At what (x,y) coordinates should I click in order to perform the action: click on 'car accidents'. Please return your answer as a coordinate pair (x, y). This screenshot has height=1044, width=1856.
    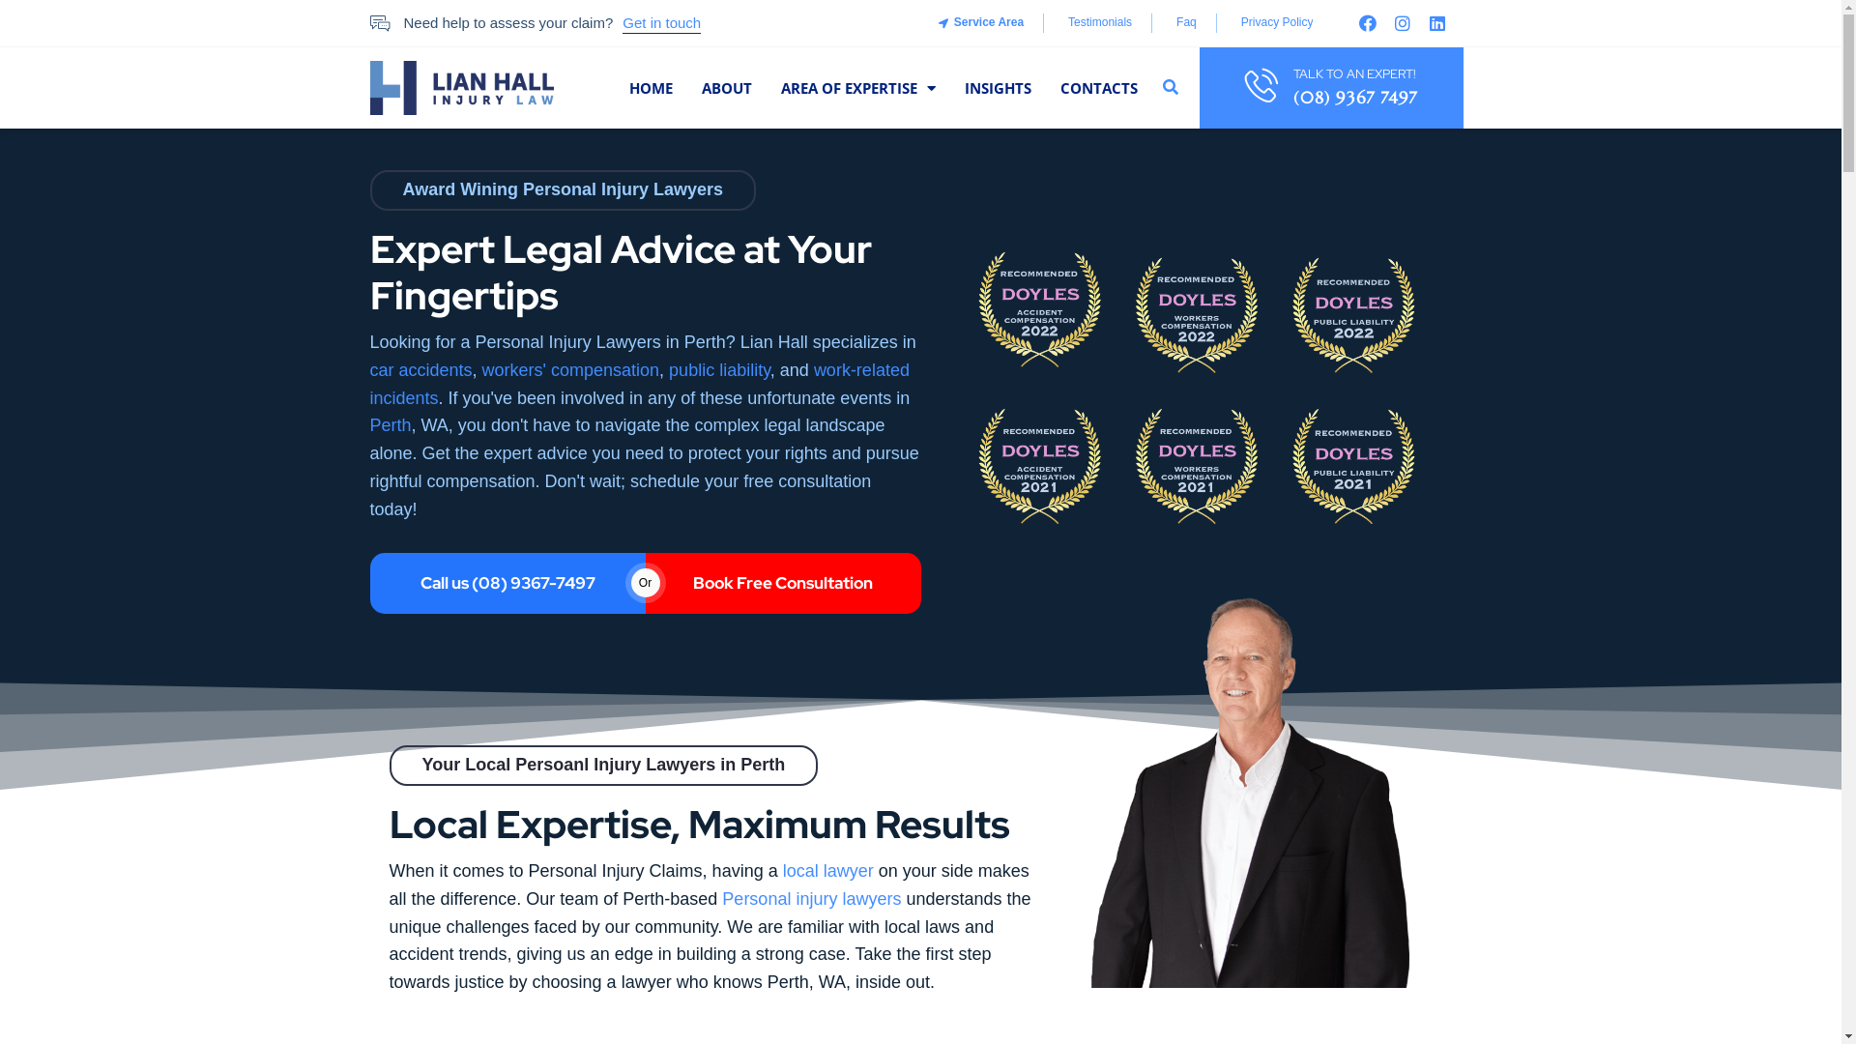
    Looking at the image, I should click on (420, 369).